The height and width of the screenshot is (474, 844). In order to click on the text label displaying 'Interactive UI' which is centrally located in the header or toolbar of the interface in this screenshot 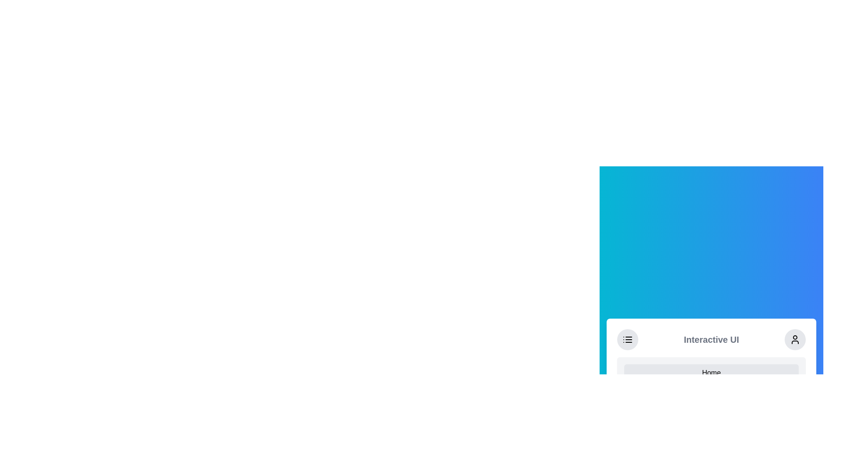, I will do `click(711, 339)`.